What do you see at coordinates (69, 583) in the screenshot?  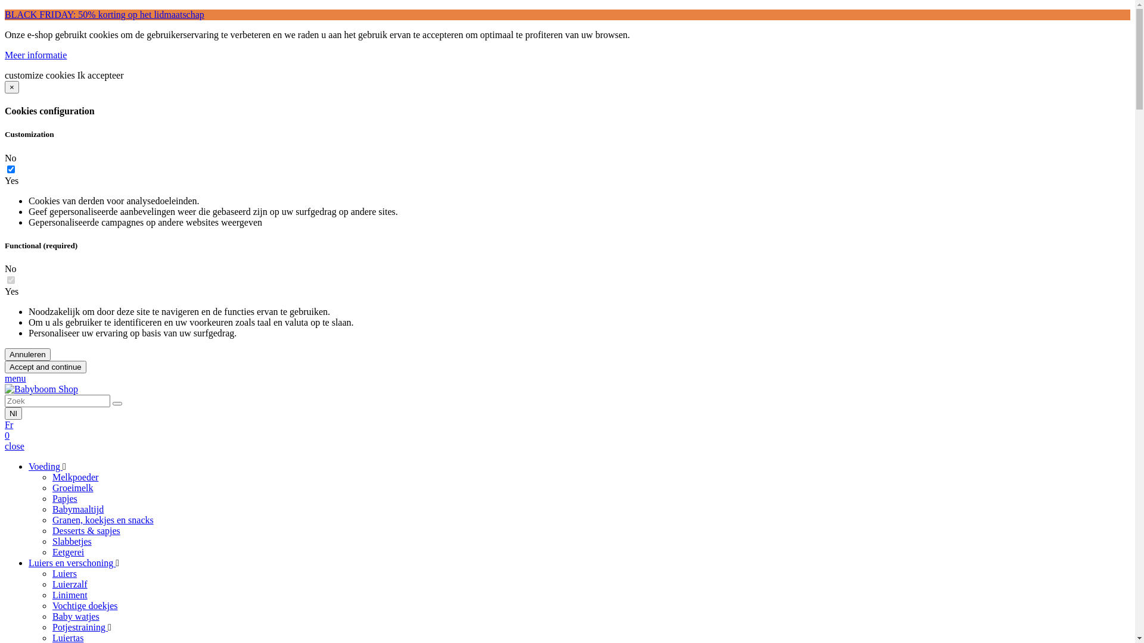 I see `'Luierzalf'` at bounding box center [69, 583].